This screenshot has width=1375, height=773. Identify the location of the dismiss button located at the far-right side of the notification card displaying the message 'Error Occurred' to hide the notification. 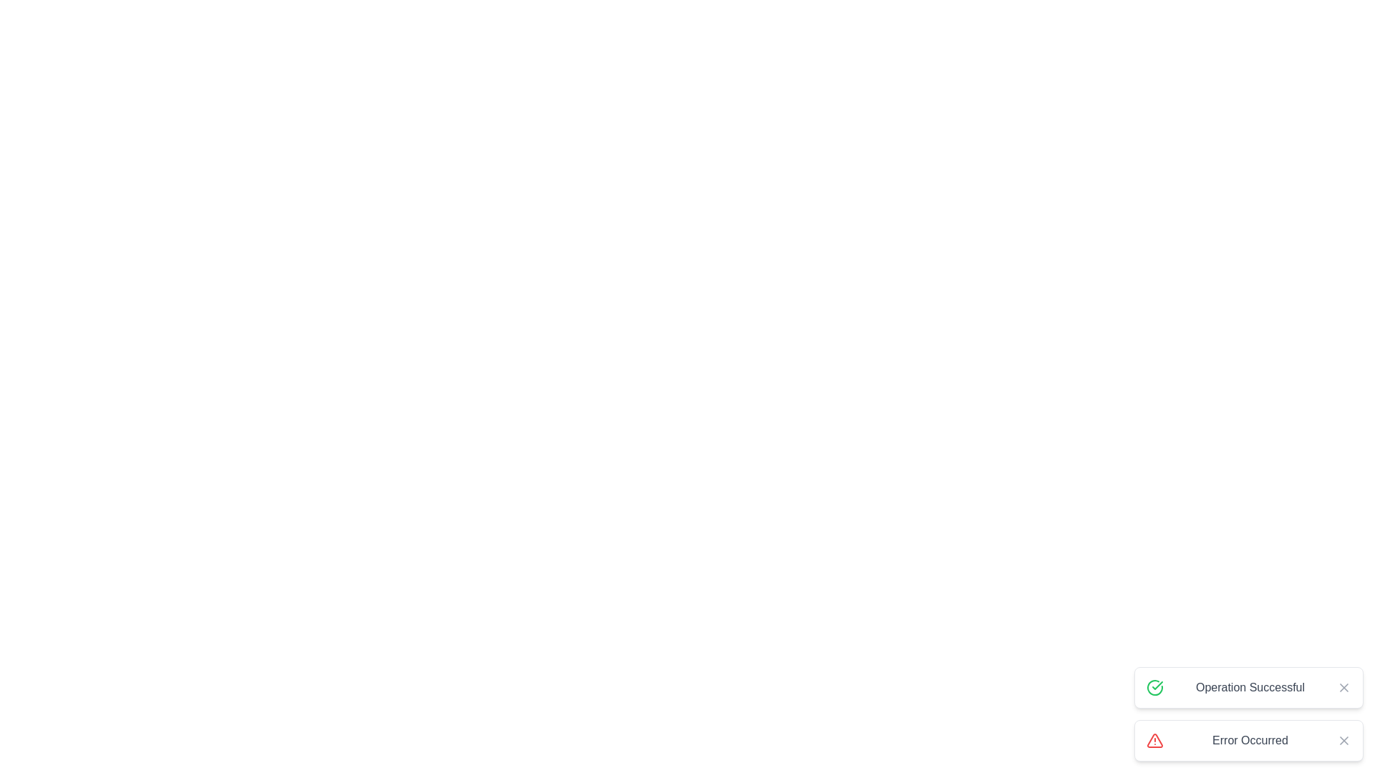
(1343, 740).